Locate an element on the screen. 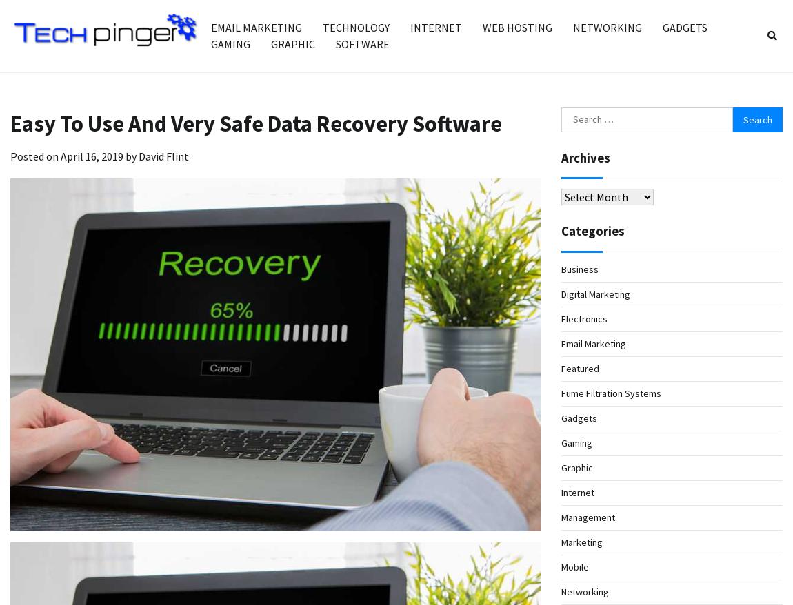  'Technology' is located at coordinates (356, 27).